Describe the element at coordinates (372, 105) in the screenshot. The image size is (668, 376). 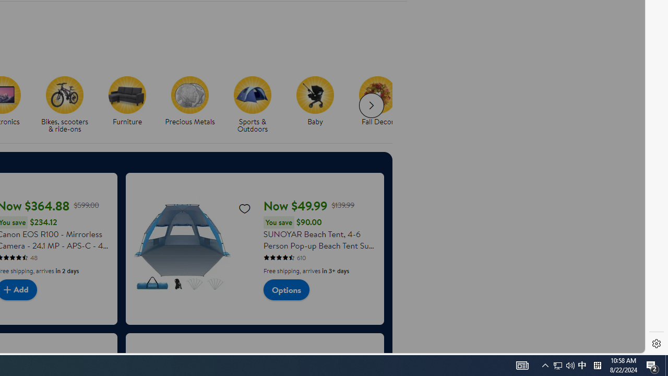
I see `'Next slide for chipModuleWithImages list'` at that location.